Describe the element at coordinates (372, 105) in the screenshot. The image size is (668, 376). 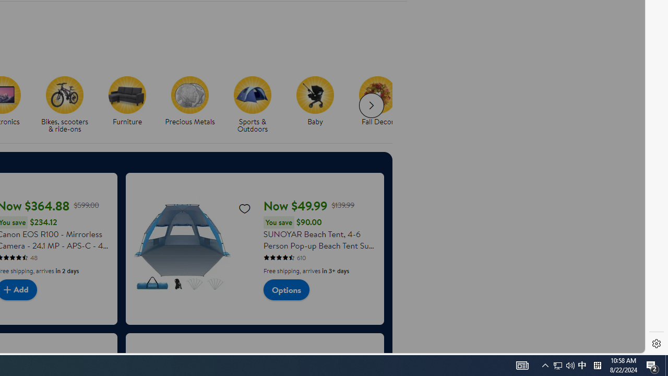
I see `'Next slide for chipModuleWithImages list'` at that location.